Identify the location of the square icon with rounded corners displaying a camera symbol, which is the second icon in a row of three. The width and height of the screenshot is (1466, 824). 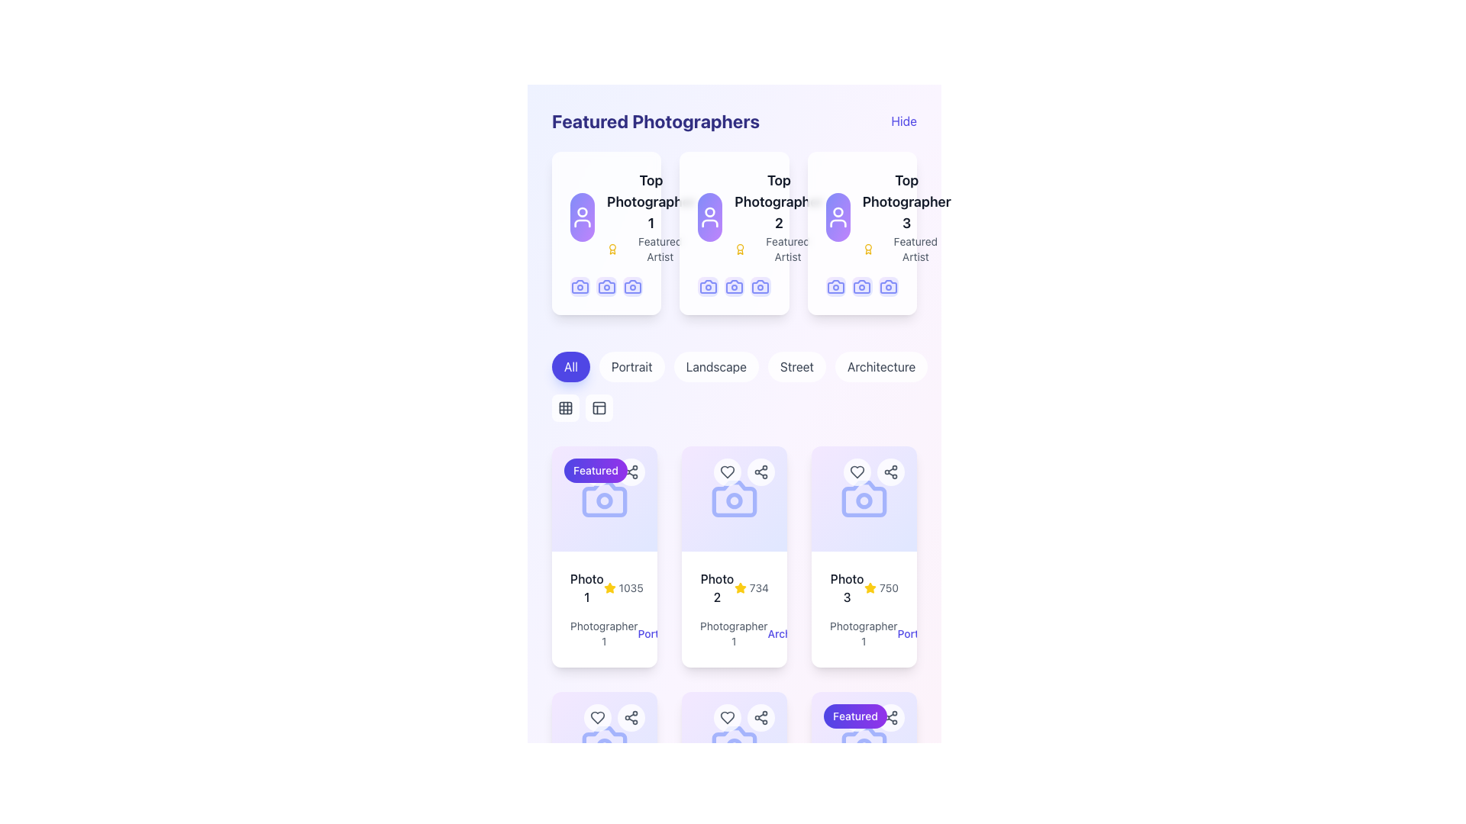
(605, 287).